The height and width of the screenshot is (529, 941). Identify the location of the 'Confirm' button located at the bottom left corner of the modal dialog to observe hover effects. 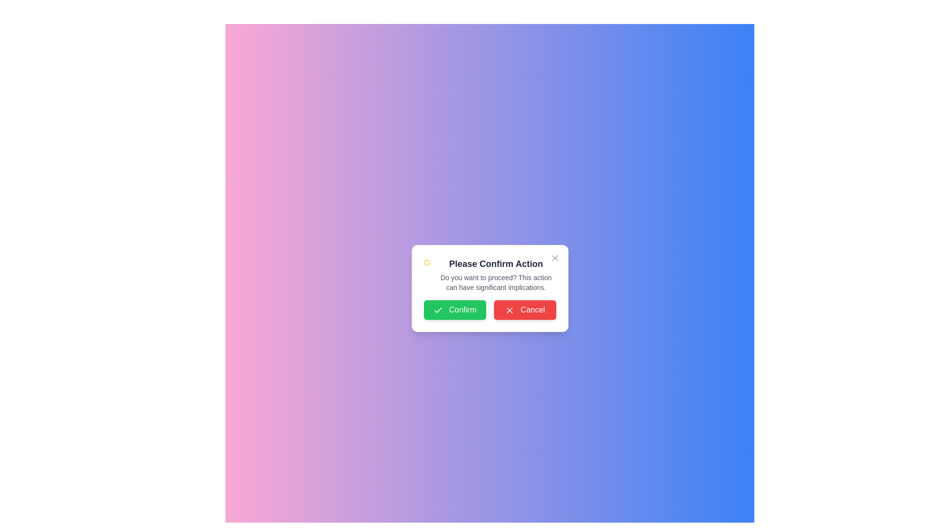
(454, 310).